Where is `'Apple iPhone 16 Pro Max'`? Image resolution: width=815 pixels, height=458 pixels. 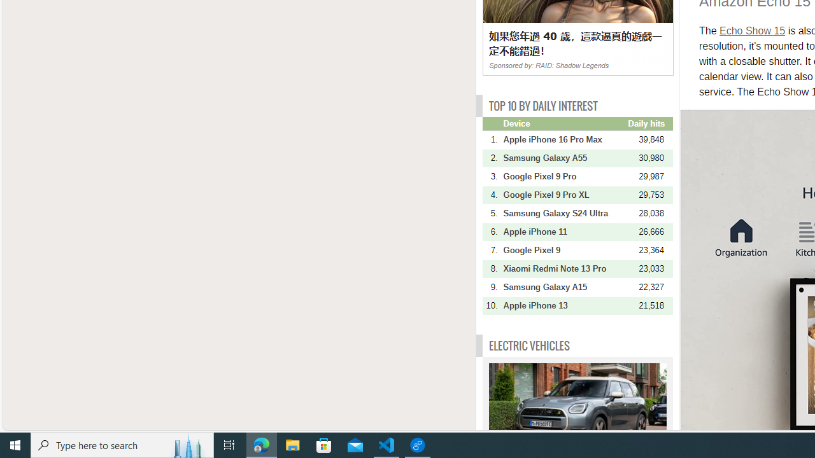 'Apple iPhone 16 Pro Max' is located at coordinates (563, 139).